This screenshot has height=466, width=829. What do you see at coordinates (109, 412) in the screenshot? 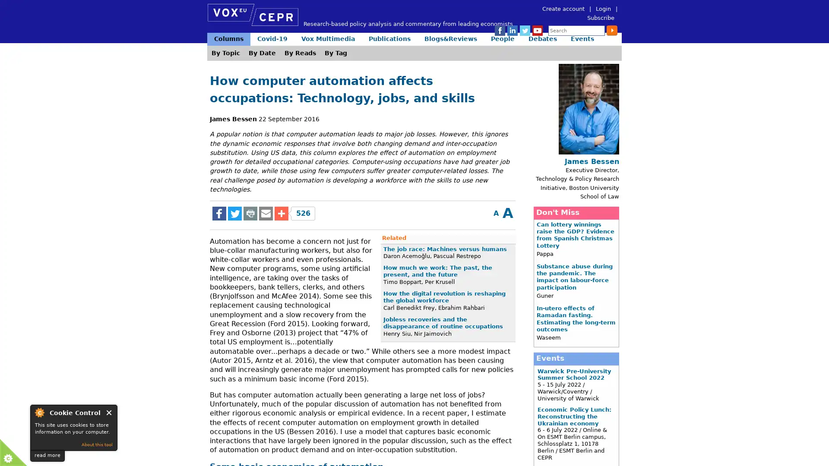
I see `Close` at bounding box center [109, 412].